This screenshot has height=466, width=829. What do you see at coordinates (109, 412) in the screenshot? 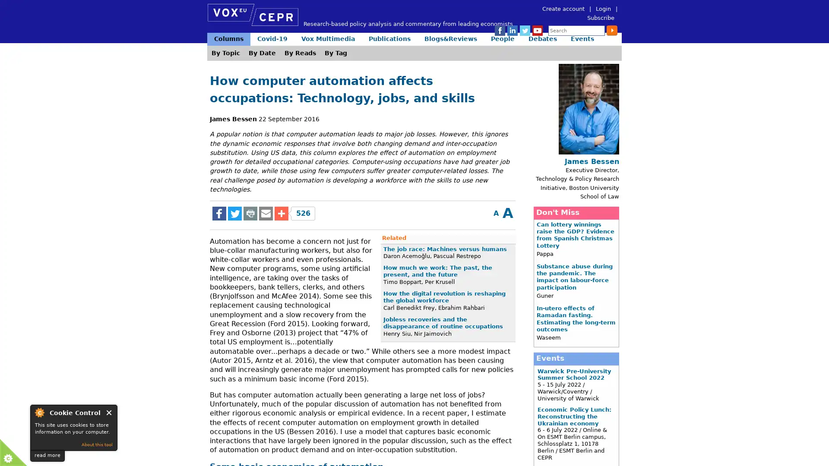
I see `Close` at bounding box center [109, 412].